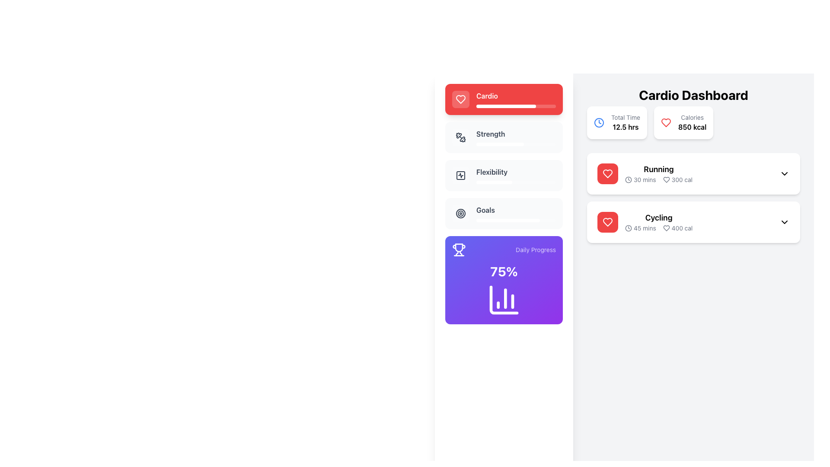  What do you see at coordinates (677, 179) in the screenshot?
I see `the Text with icon indicating caloric expenditure for the 'Running' activity in the Cardio Dashboard section, located to the right of the '30 mins' text` at bounding box center [677, 179].